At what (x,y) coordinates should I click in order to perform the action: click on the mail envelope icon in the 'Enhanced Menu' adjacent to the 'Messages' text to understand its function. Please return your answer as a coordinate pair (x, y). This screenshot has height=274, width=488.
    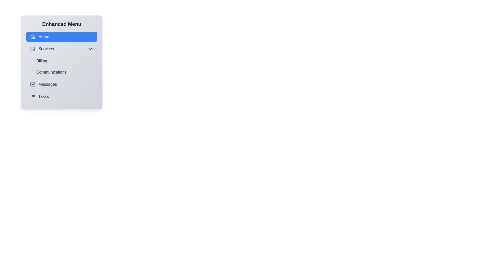
    Looking at the image, I should click on (33, 84).